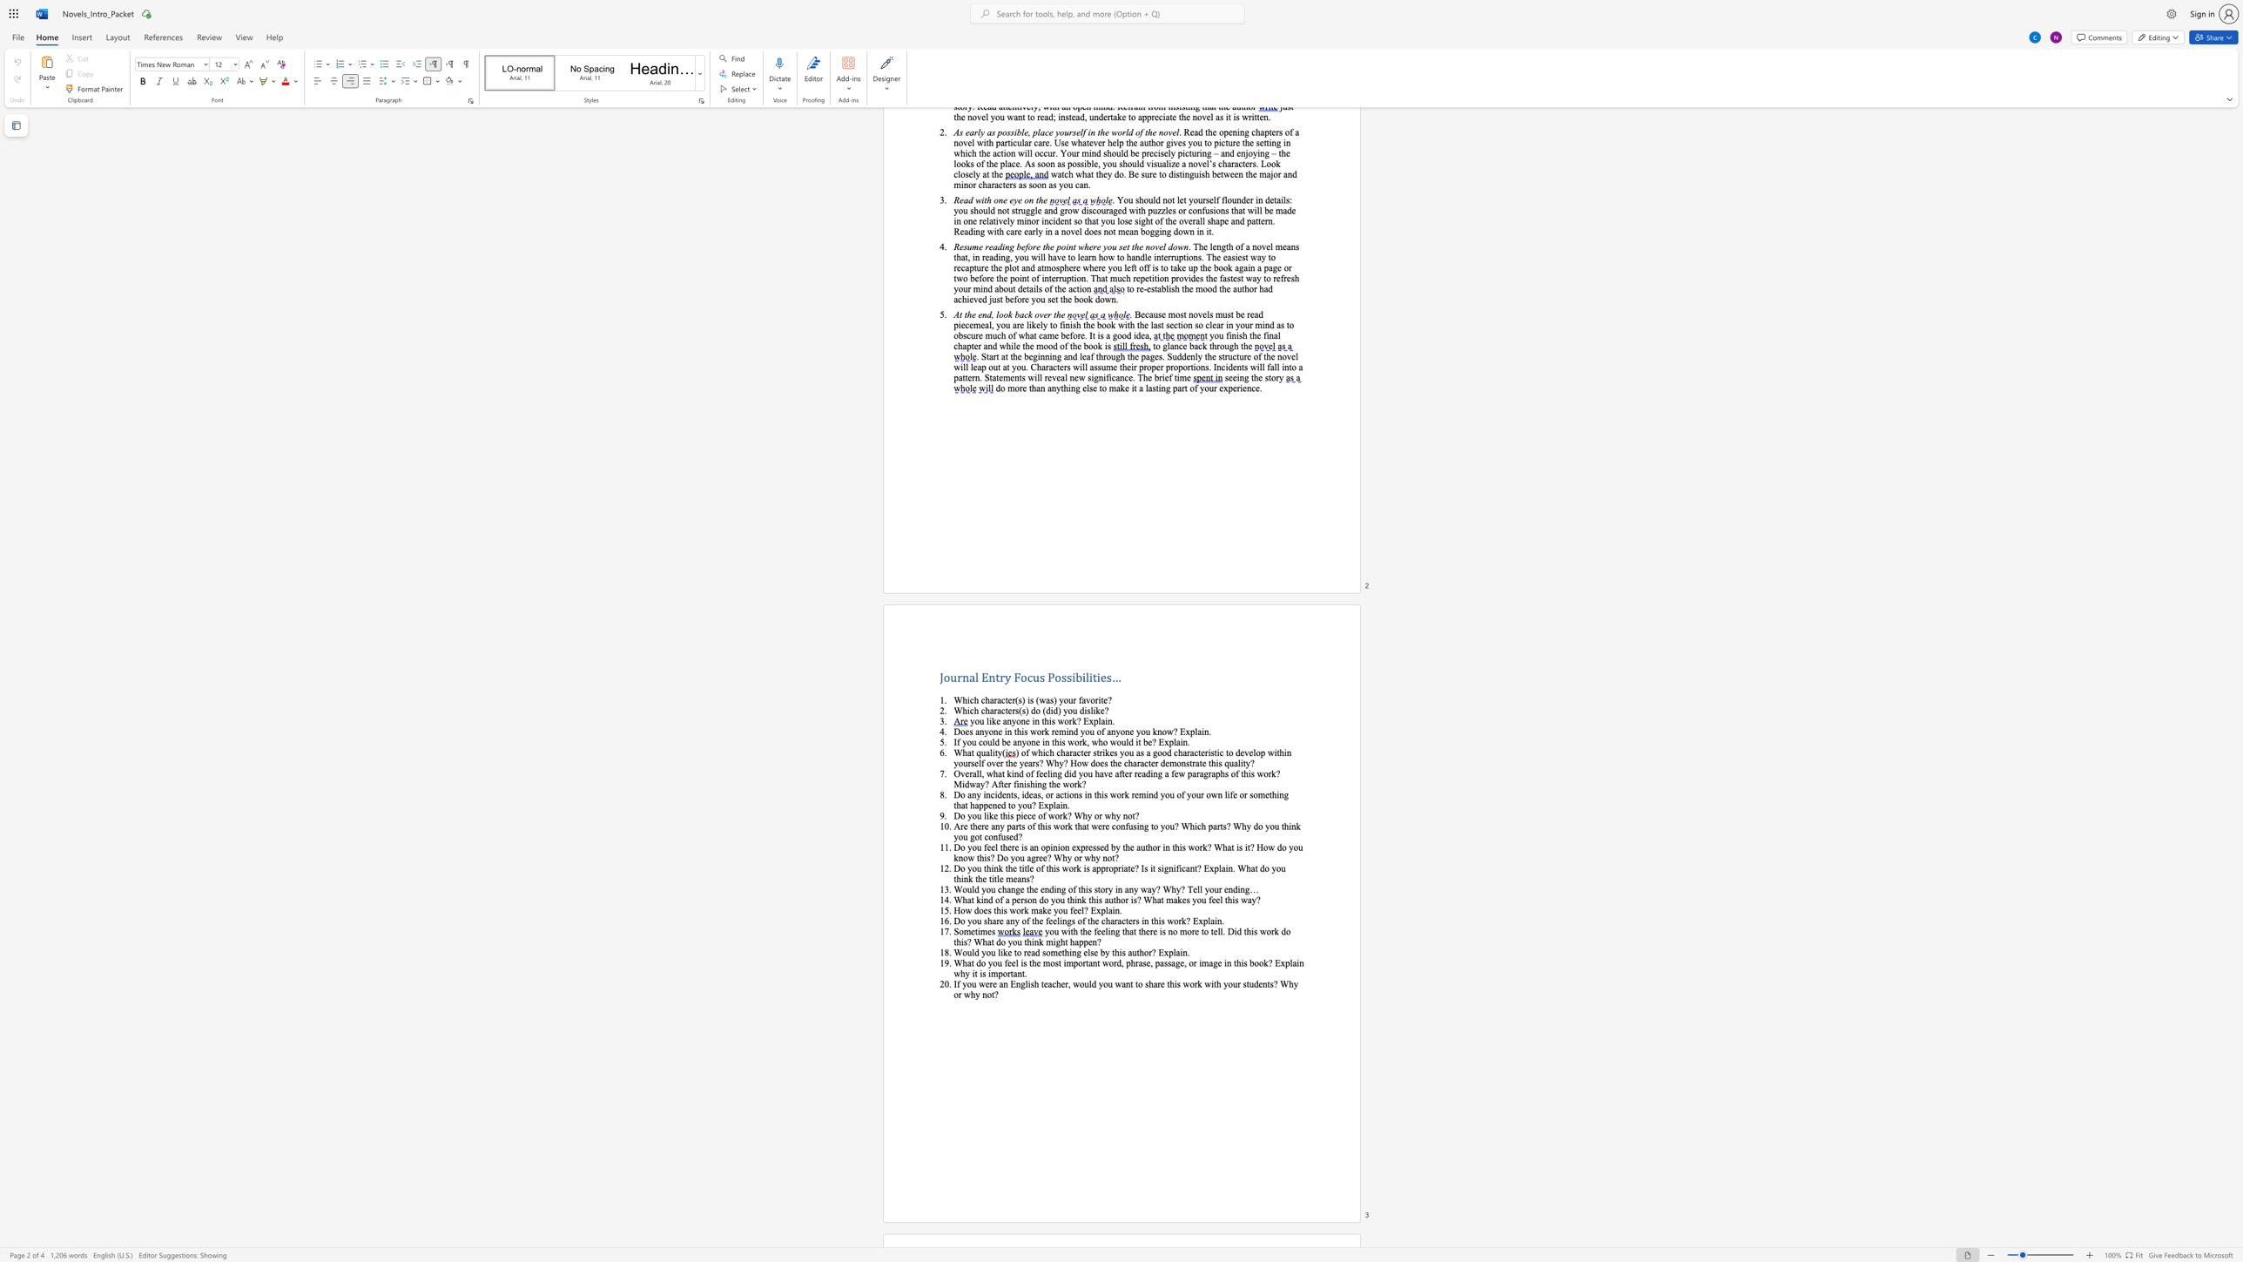 This screenshot has width=2243, height=1262. I want to click on the subset text "do you think might hap" within the text "you with the feeling that there is no more to tell. Did this work do this? What do you think might happen?", so click(994, 941).